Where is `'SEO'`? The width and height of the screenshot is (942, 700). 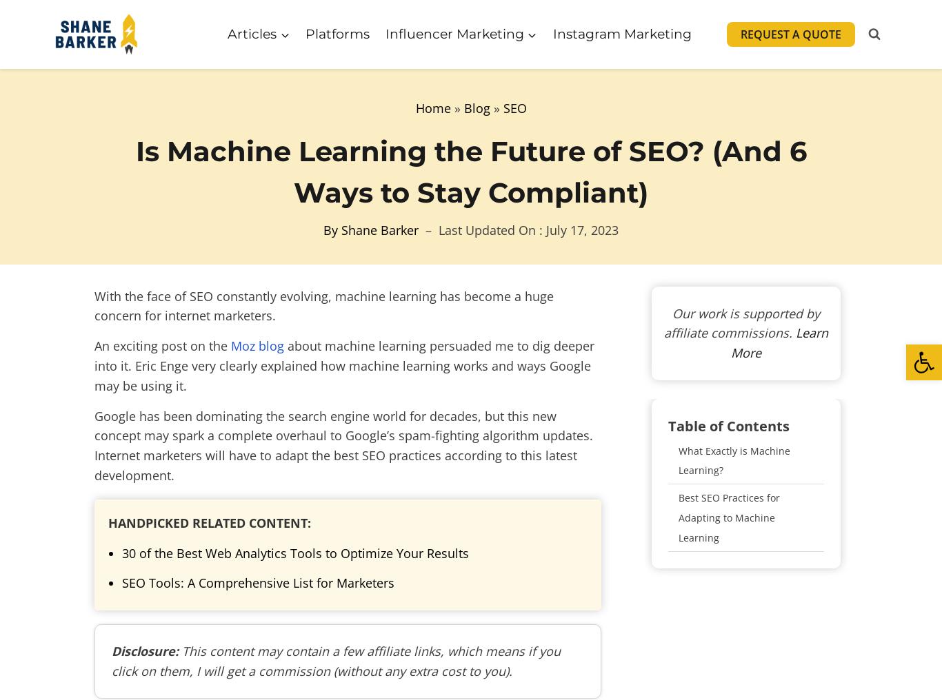
'SEO' is located at coordinates (514, 107).